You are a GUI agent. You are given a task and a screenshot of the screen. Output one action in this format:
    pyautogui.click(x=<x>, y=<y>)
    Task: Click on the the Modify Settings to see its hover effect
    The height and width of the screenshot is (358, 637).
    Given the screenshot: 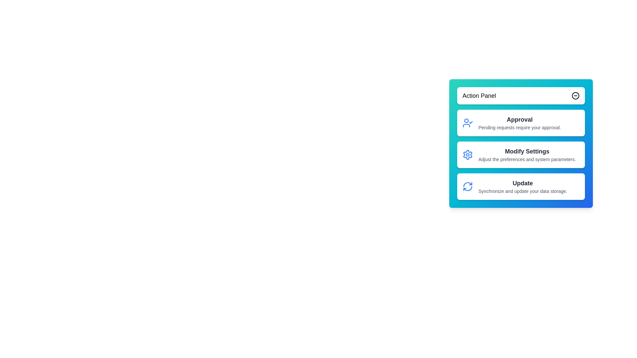 What is the action you would take?
    pyautogui.click(x=521, y=154)
    